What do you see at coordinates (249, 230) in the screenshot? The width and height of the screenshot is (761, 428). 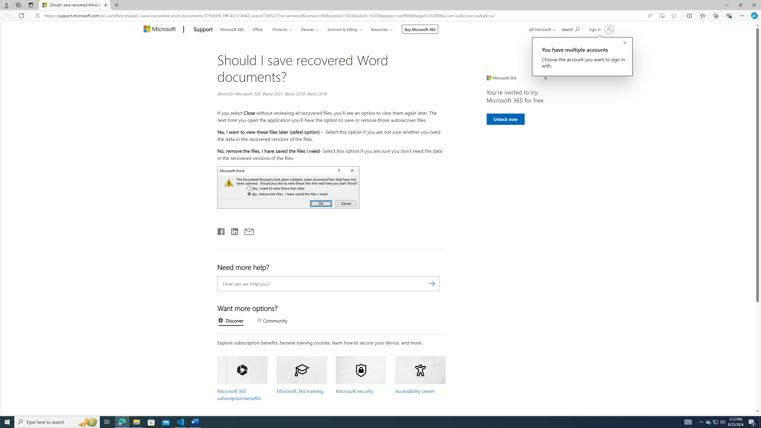 I see `'Email'` at bounding box center [249, 230].